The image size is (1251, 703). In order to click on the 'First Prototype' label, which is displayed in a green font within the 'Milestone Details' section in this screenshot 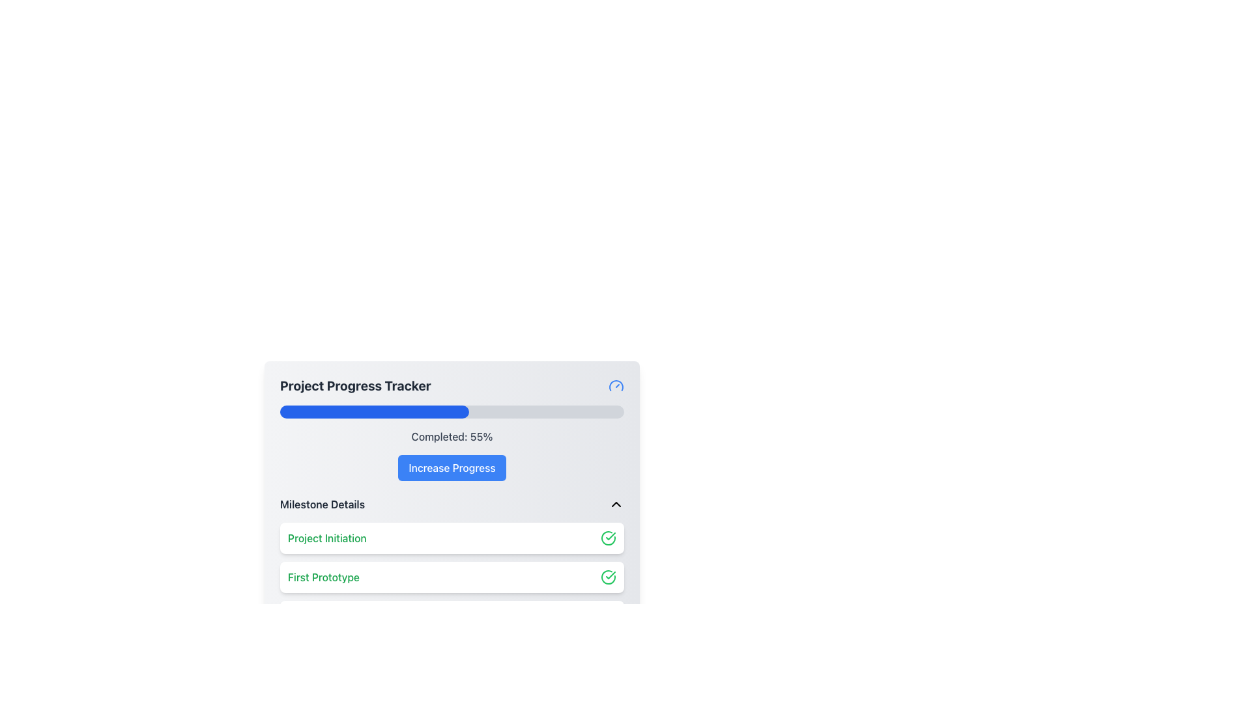, I will do `click(324, 577)`.